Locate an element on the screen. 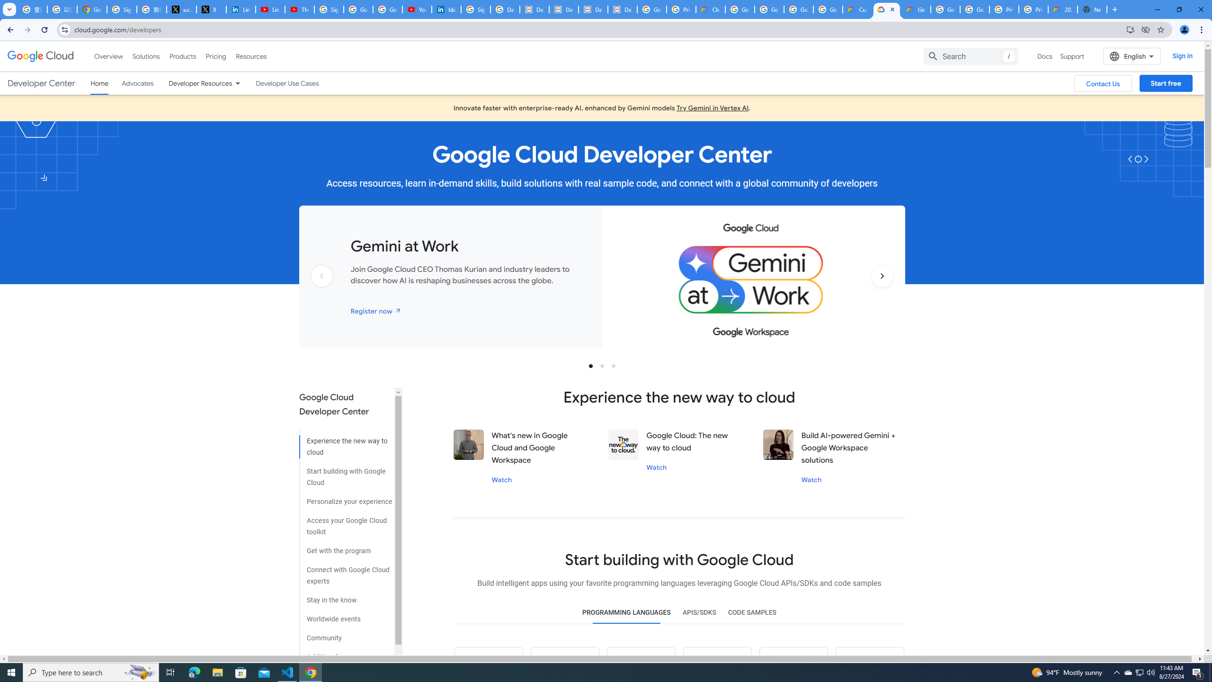  'PROGRAMMING LANGUAGES' is located at coordinates (626, 612).